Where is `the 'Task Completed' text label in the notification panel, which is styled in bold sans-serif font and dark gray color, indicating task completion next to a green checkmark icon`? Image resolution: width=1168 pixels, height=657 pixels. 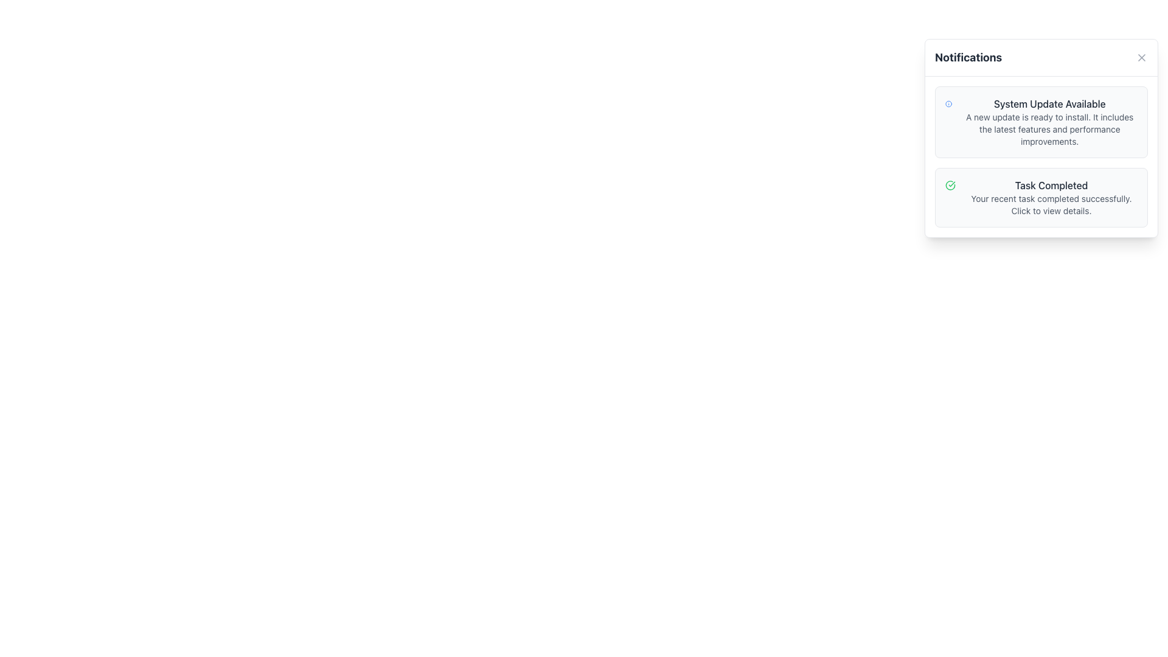
the 'Task Completed' text label in the notification panel, which is styled in bold sans-serif font and dark gray color, indicating task completion next to a green checkmark icon is located at coordinates (1051, 185).